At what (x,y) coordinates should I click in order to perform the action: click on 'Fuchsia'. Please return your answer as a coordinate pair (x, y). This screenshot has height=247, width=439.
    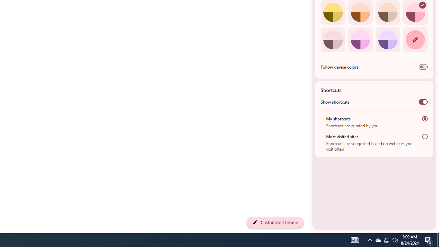
    Looking at the image, I should click on (360, 39).